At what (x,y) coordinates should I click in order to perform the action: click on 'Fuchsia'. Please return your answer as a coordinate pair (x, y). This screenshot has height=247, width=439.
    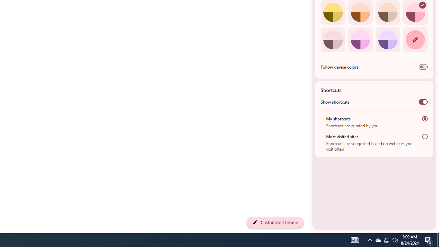
    Looking at the image, I should click on (360, 39).